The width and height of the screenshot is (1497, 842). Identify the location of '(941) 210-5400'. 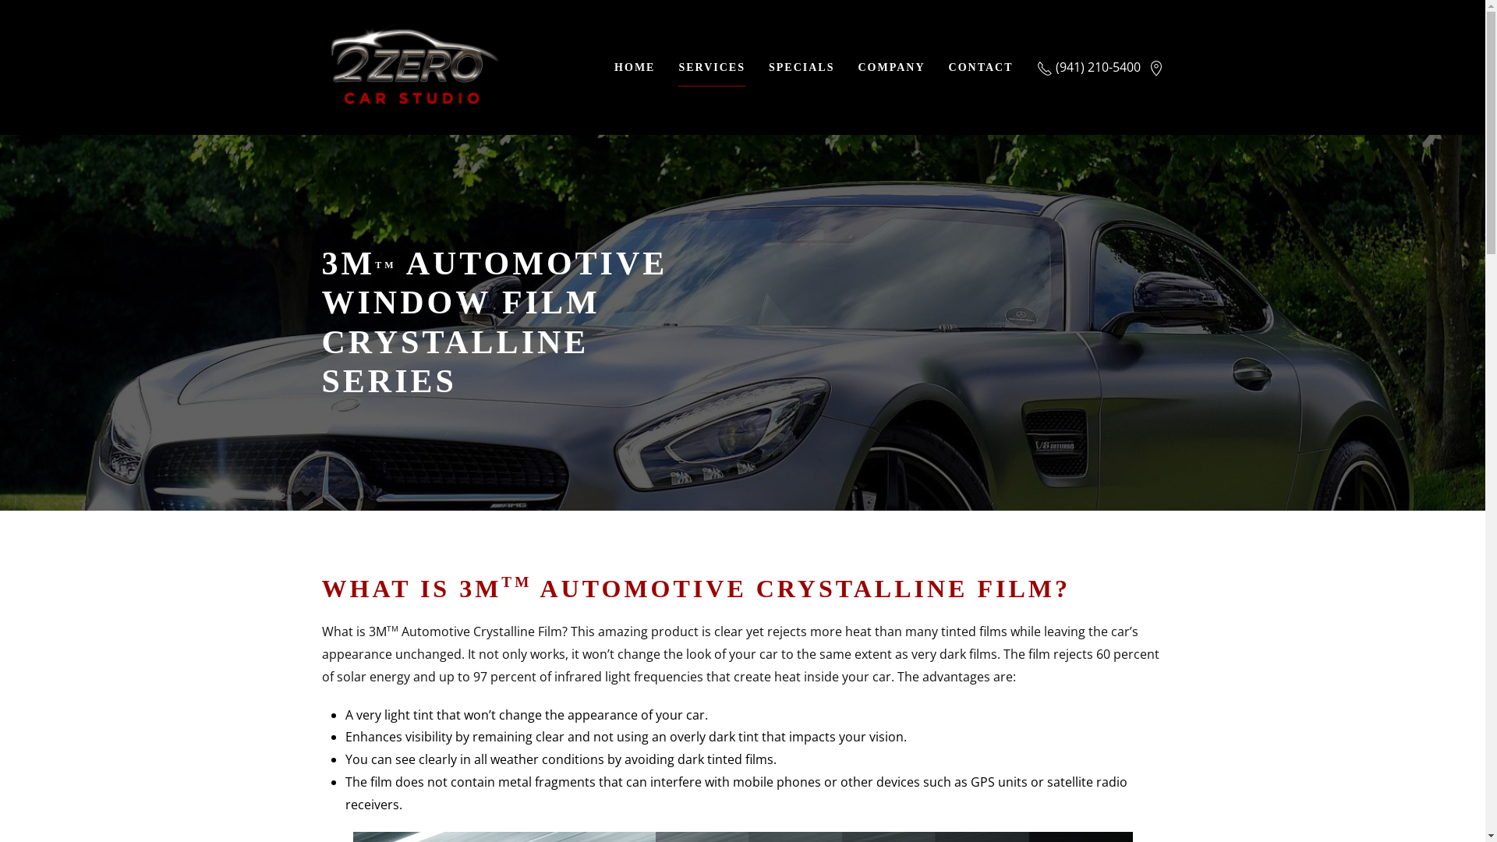
(1036, 65).